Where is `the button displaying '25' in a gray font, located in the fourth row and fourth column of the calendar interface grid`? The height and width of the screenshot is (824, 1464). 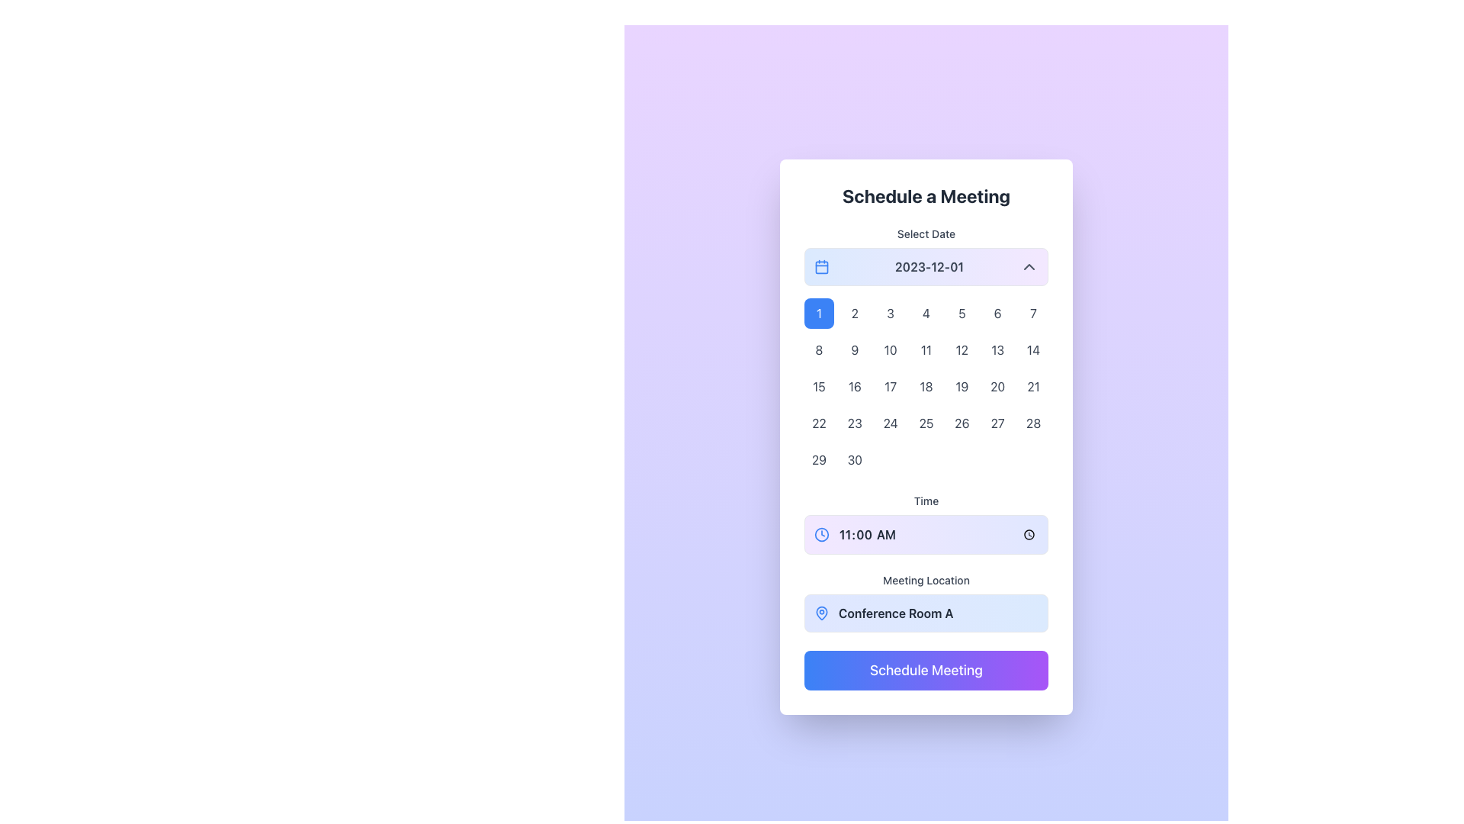
the button displaying '25' in a gray font, located in the fourth row and fourth column of the calendar interface grid is located at coordinates (925, 423).